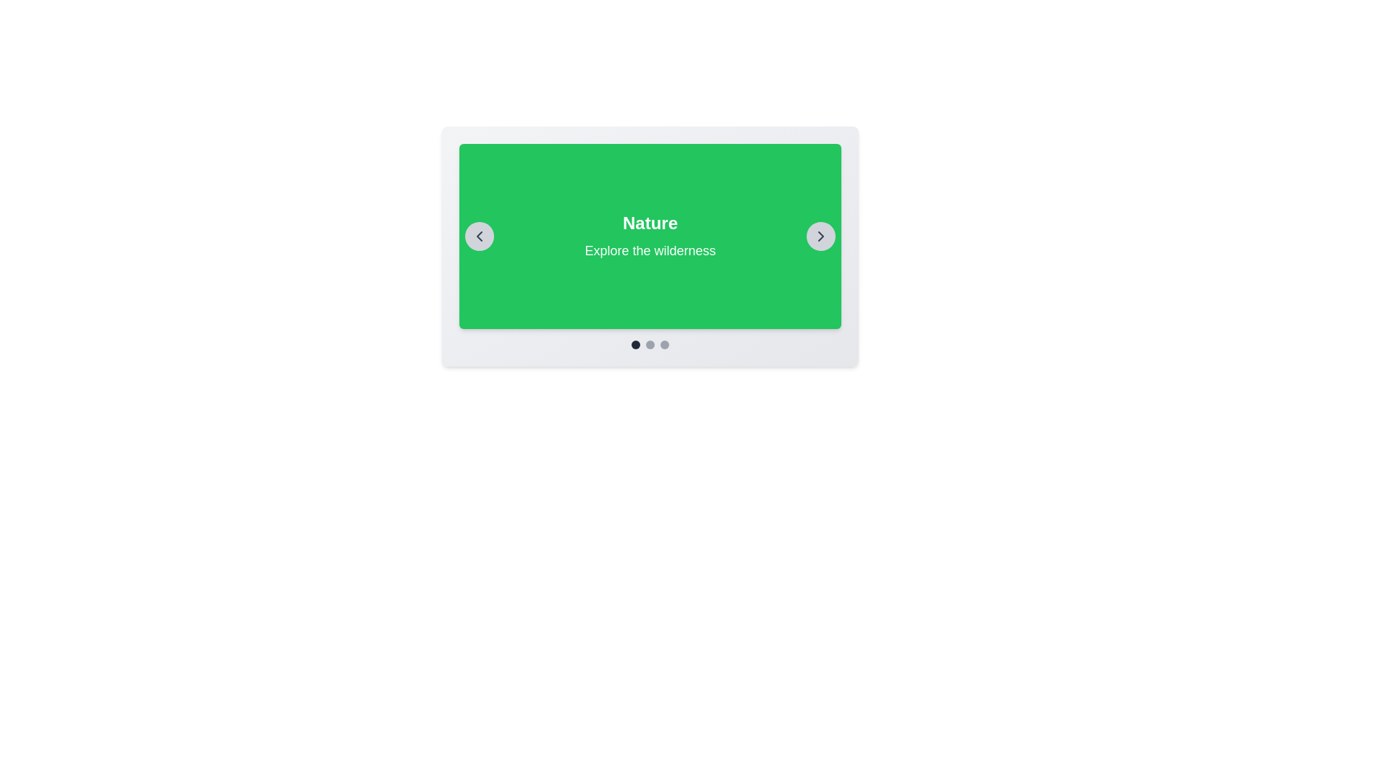 This screenshot has width=1389, height=781. Describe the element at coordinates (649, 250) in the screenshot. I see `the static text label 'Explore the wilderness' which is styled in white font and located within a green rectangular panel, centered below the title 'Nature'` at that location.